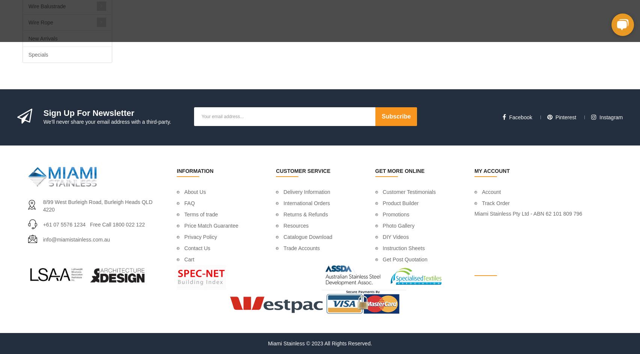 The width and height of the screenshot is (640, 354). Describe the element at coordinates (28, 22) in the screenshot. I see `'Wire Rope'` at that location.